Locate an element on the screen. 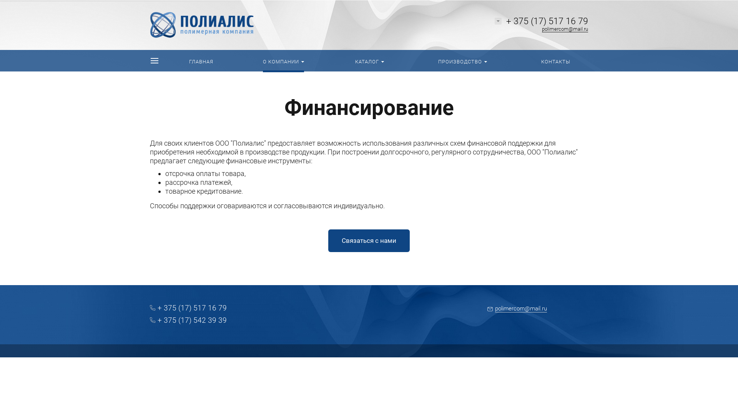 This screenshot has height=415, width=738. 'polimercom@mail.ru' is located at coordinates (565, 29).